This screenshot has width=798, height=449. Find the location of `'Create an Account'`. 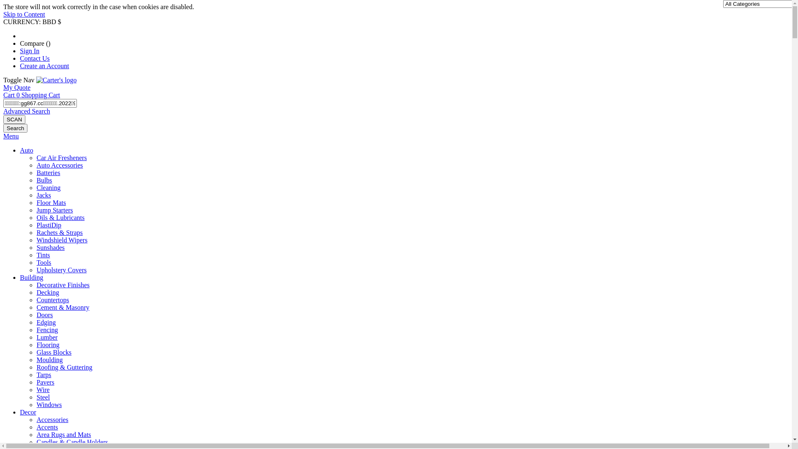

'Create an Account' is located at coordinates (44, 65).